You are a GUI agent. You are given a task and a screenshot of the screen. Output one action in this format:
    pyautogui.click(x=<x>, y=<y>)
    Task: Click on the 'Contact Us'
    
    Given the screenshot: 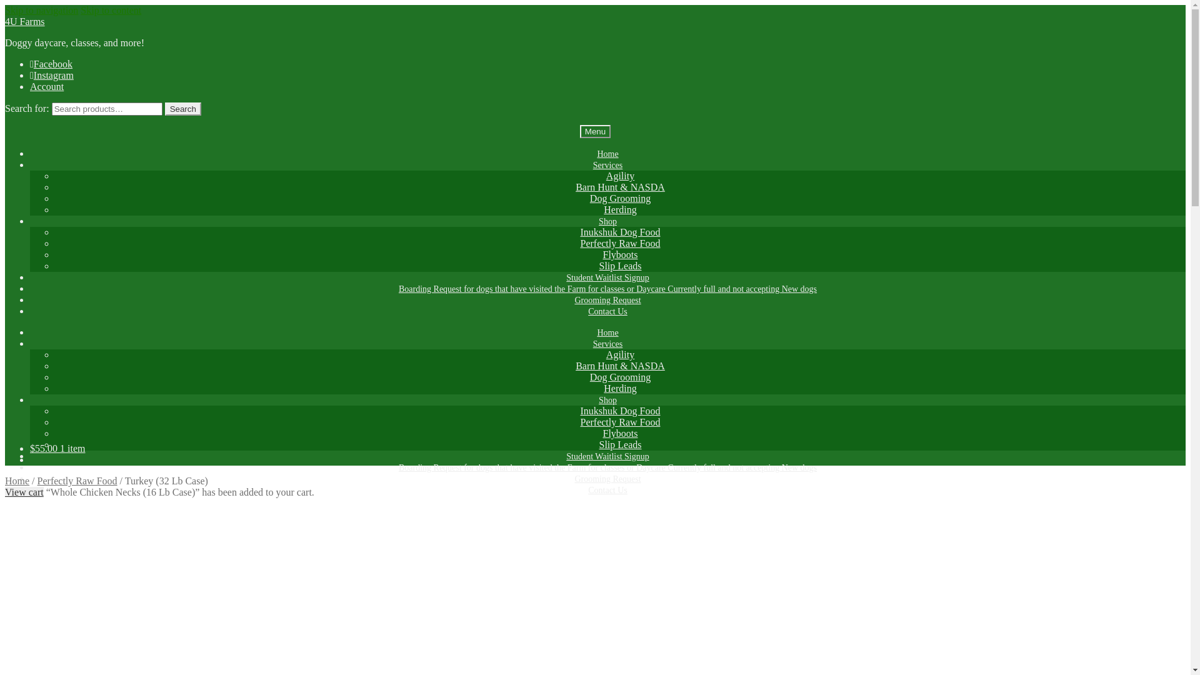 What is the action you would take?
    pyautogui.click(x=608, y=311)
    